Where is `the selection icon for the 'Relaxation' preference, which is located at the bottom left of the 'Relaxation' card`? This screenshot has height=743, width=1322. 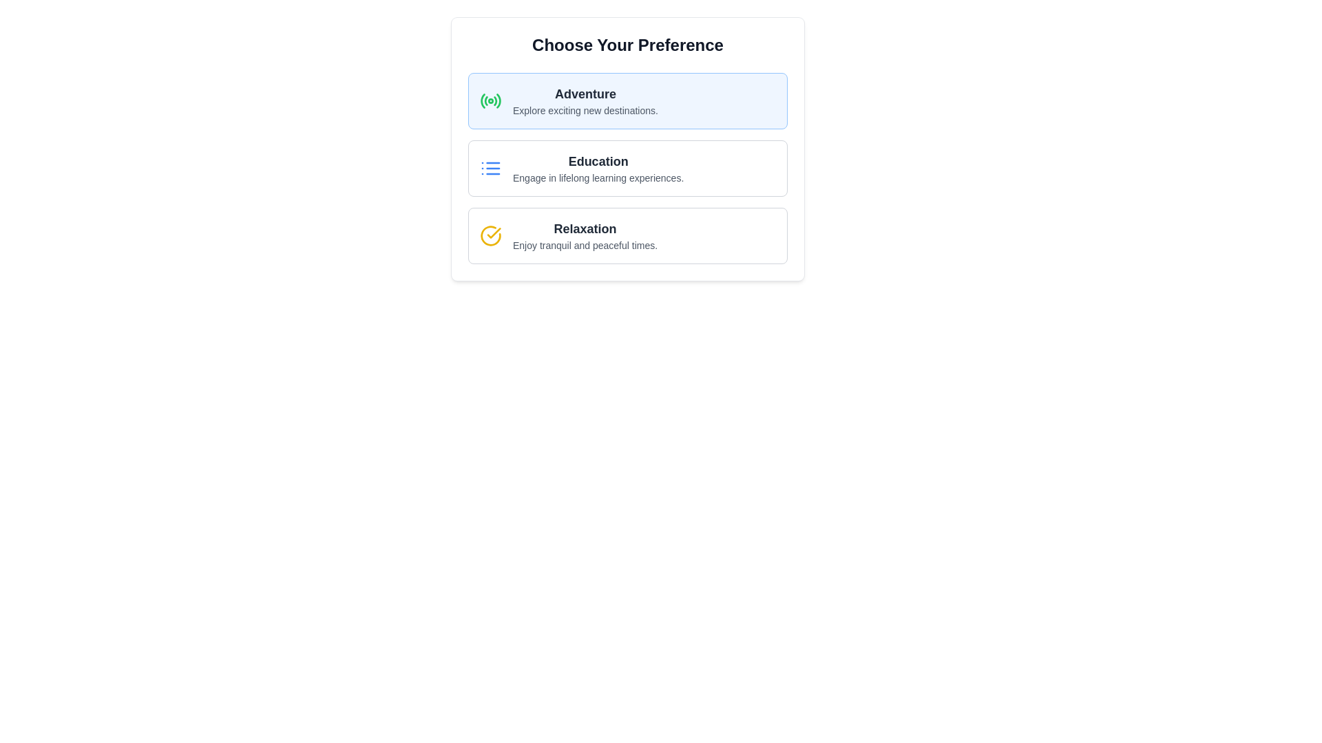 the selection icon for the 'Relaxation' preference, which is located at the bottom left of the 'Relaxation' card is located at coordinates (491, 235).